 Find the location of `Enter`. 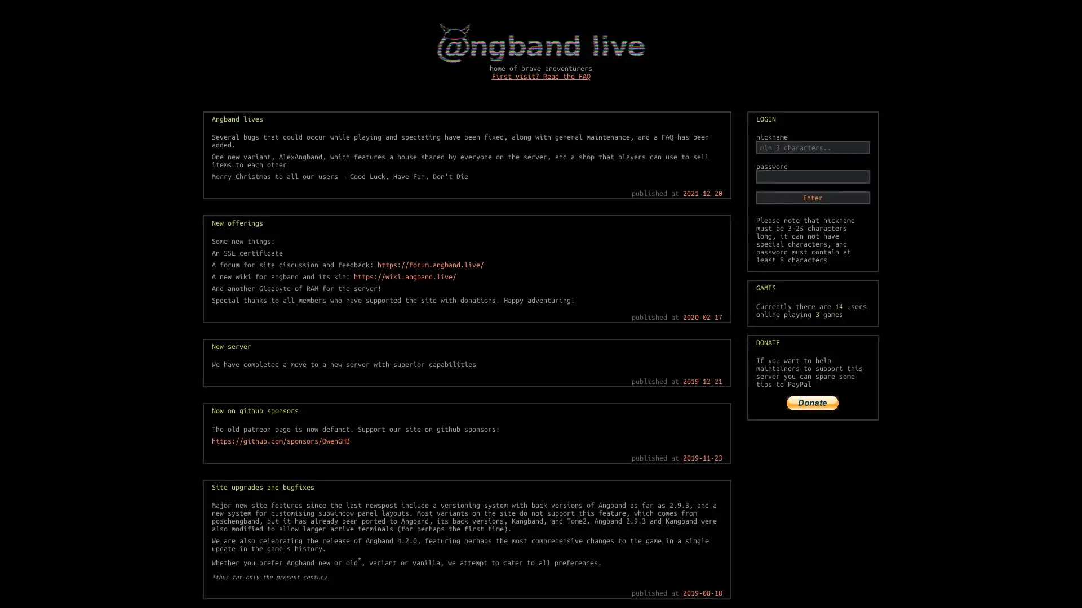

Enter is located at coordinates (813, 197).